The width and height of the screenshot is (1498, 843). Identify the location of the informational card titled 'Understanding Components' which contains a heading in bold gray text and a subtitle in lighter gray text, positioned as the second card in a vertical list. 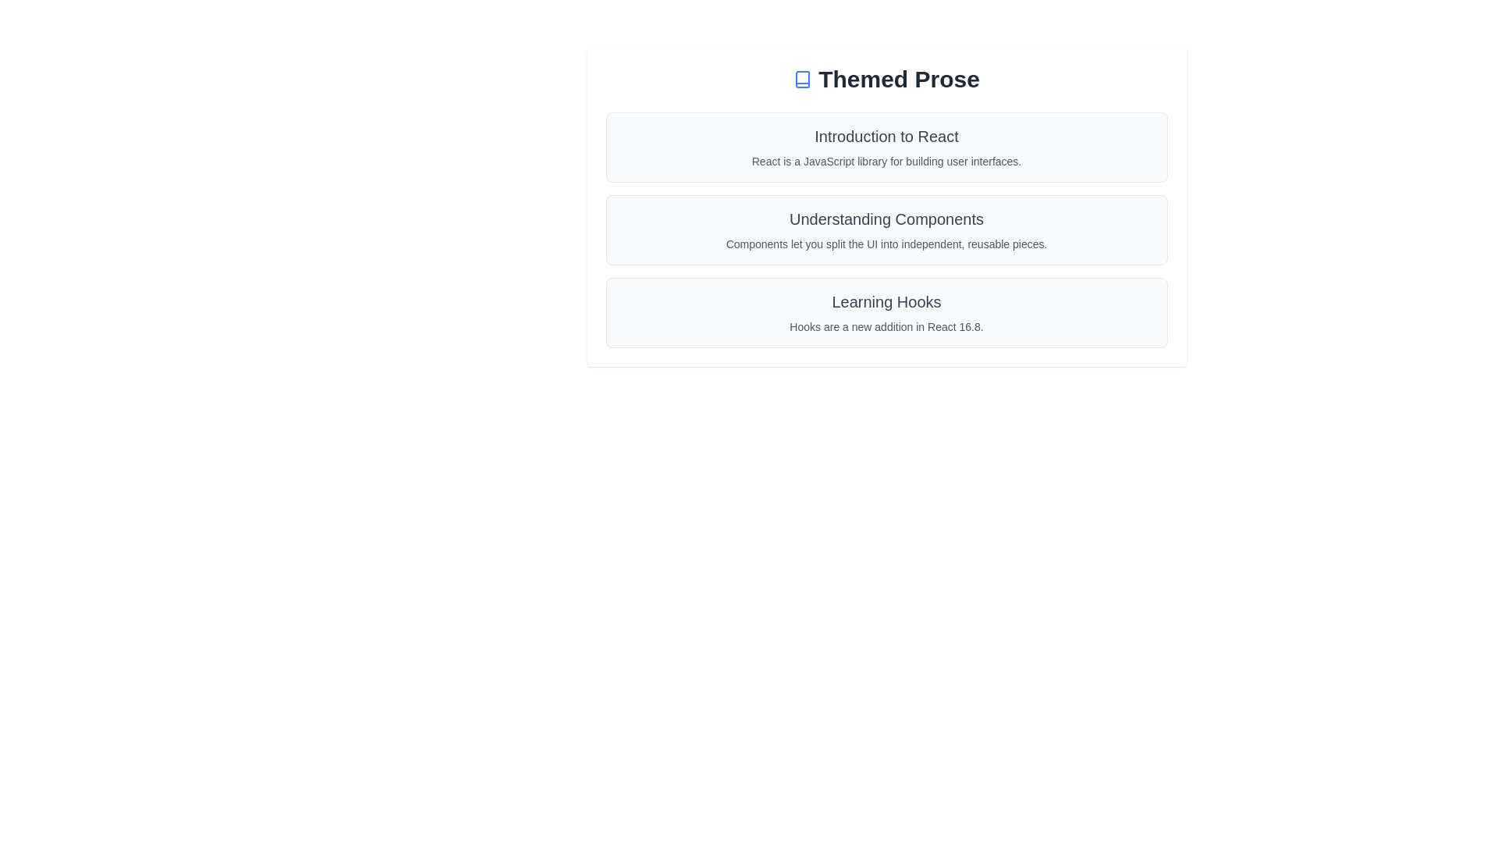
(886, 229).